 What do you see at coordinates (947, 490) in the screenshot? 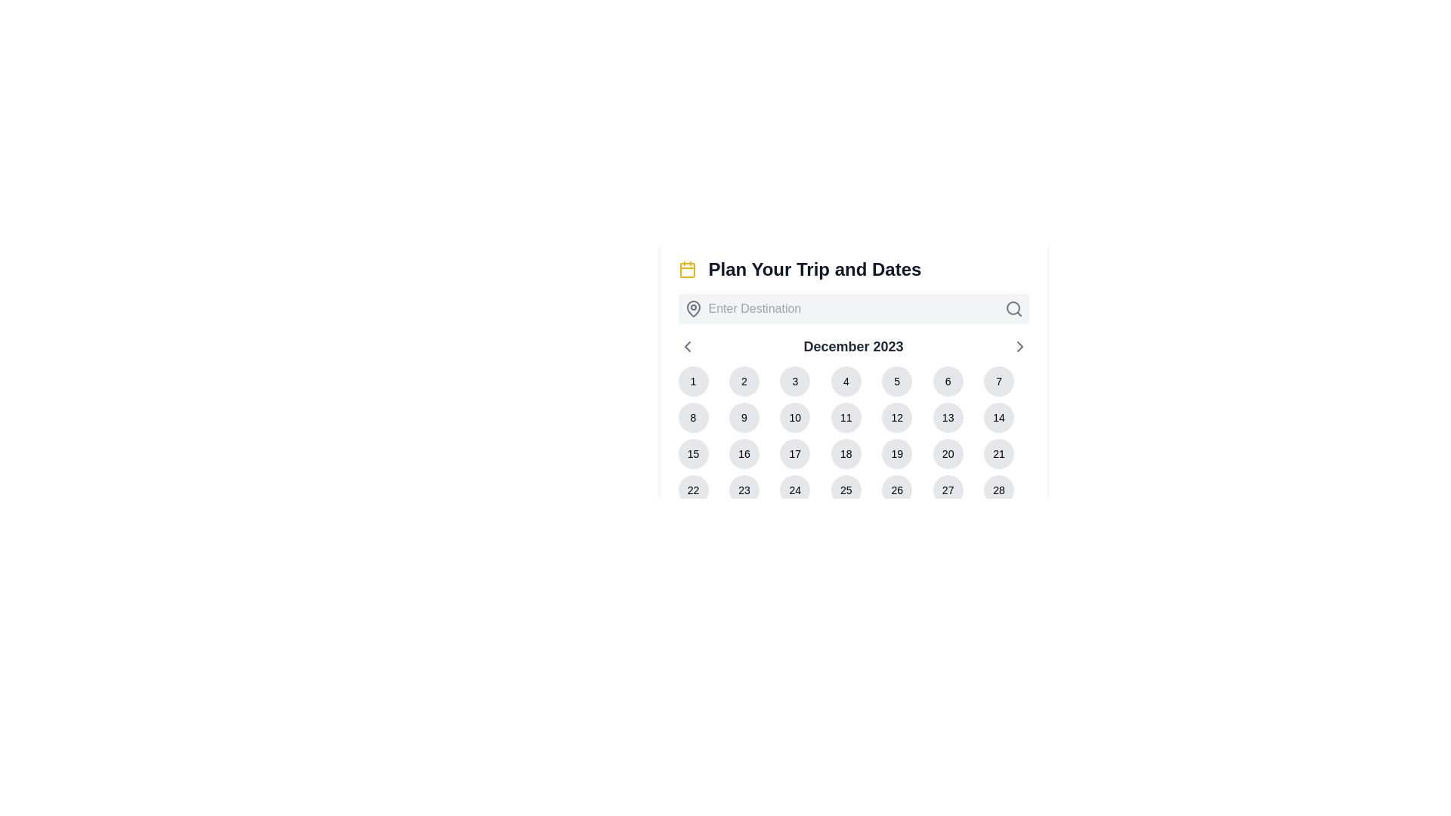
I see `the sixth button in the fourth row of the date selection grid in the December 2023 calendar` at bounding box center [947, 490].